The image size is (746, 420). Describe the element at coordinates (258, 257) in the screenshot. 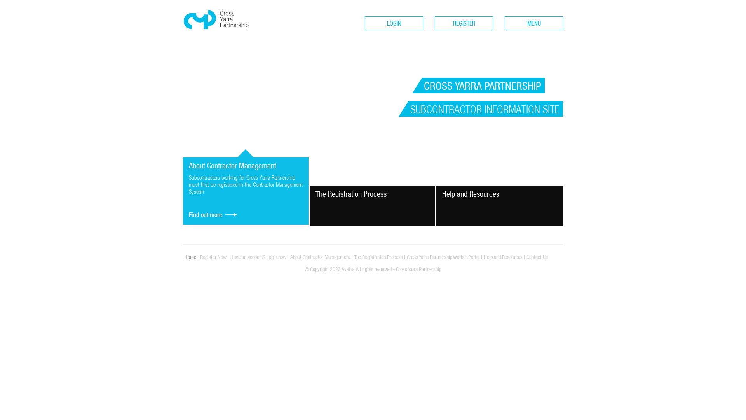

I see `'Have an account? Login now'` at that location.